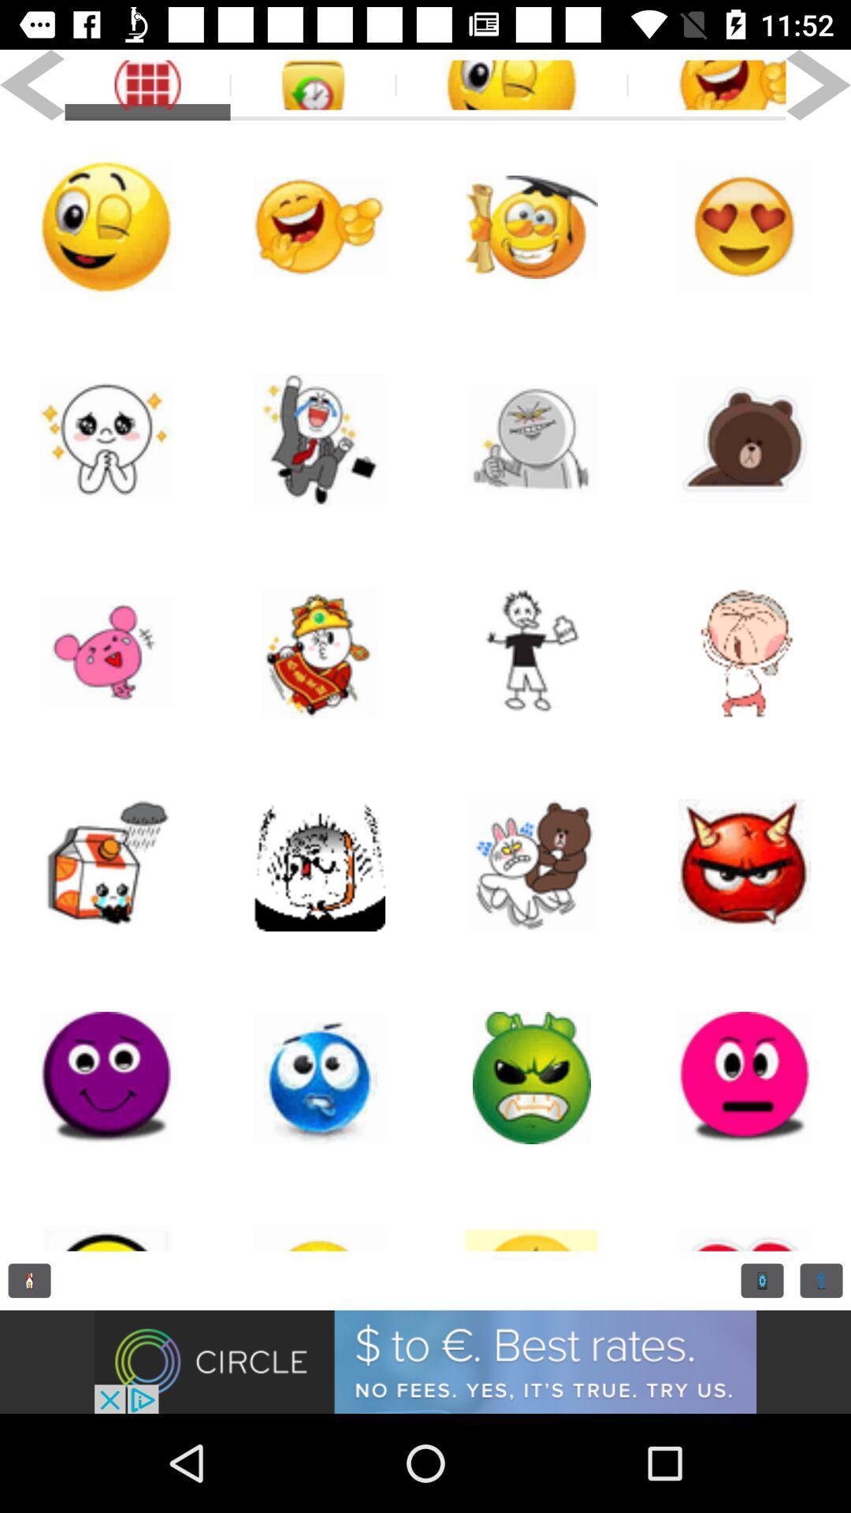 Image resolution: width=851 pixels, height=1513 pixels. What do you see at coordinates (319, 226) in the screenshot?
I see `laughing emoji` at bounding box center [319, 226].